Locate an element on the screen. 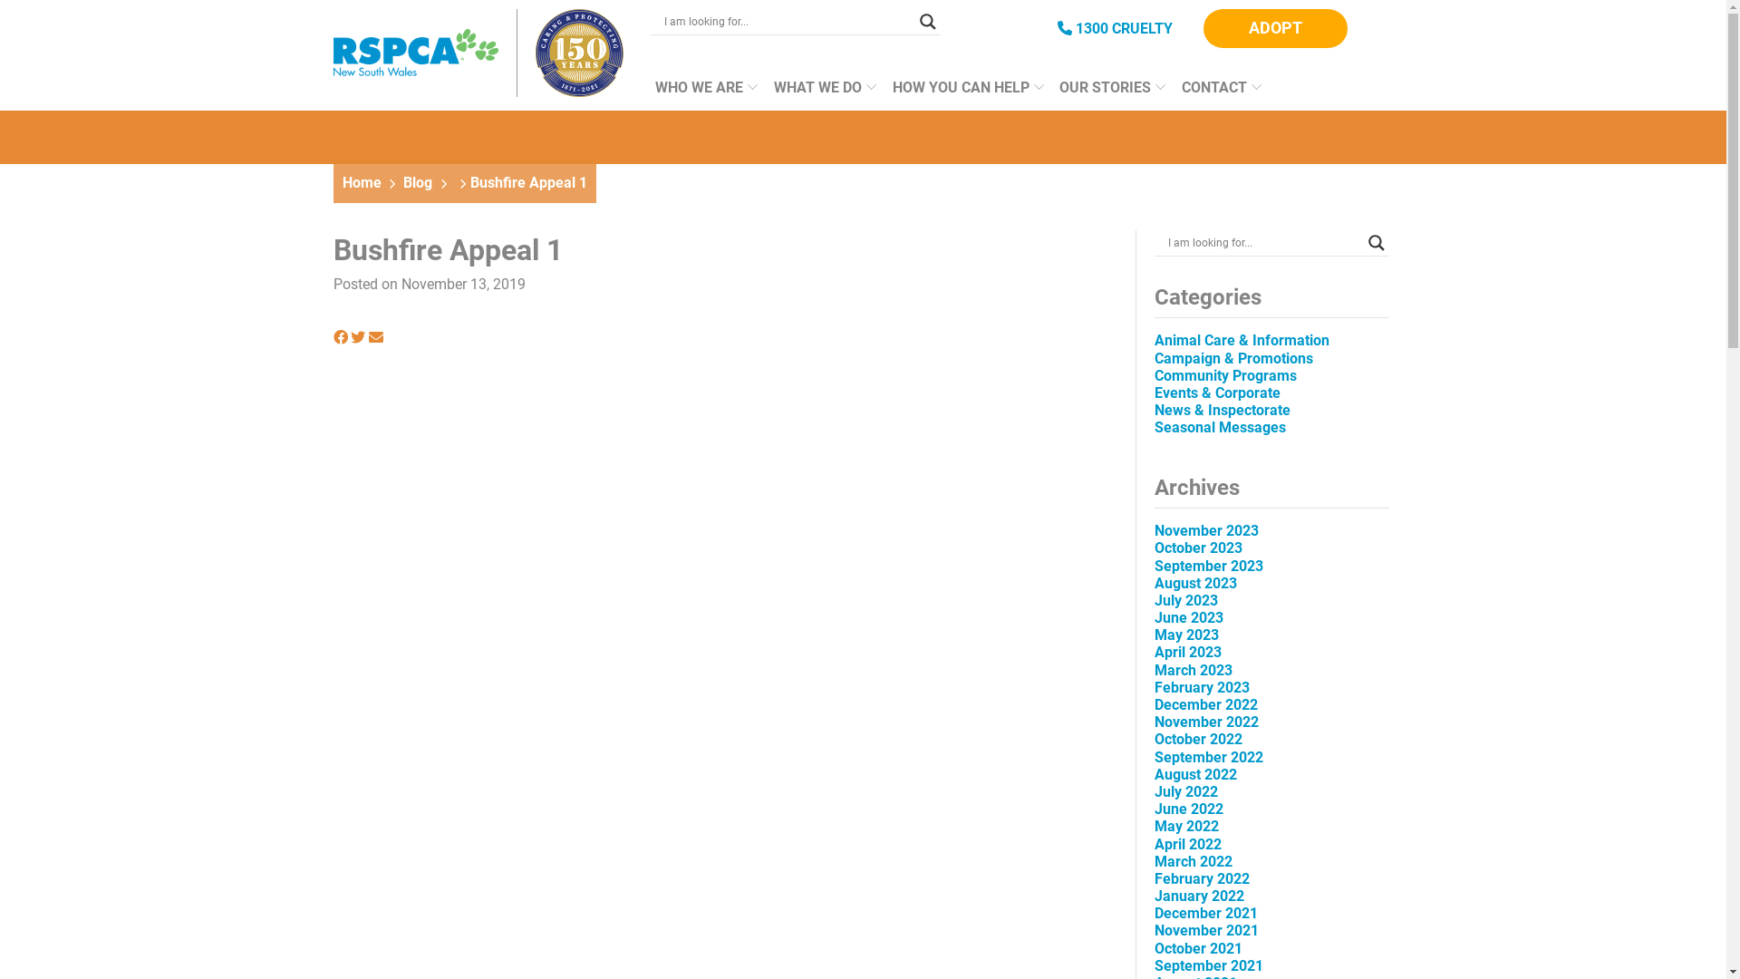 This screenshot has width=1740, height=979. 'CONTACT' is located at coordinates (1217, 94).